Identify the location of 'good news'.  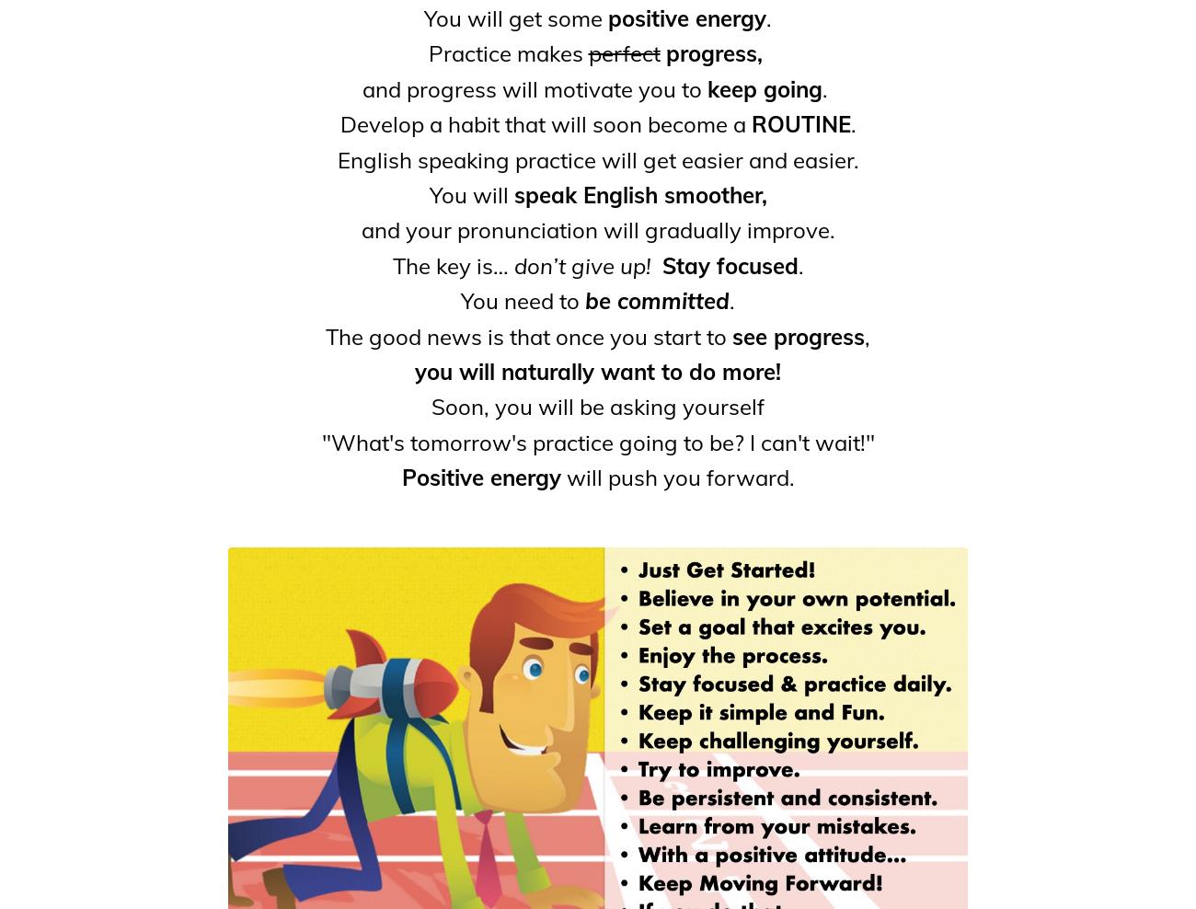
(369, 335).